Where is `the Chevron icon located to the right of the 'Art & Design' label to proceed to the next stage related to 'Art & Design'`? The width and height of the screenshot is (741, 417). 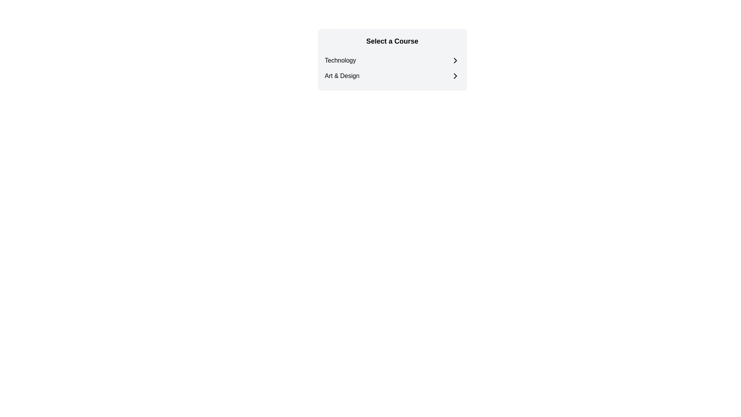
the Chevron icon located to the right of the 'Art & Design' label to proceed to the next stage related to 'Art & Design' is located at coordinates (455, 76).